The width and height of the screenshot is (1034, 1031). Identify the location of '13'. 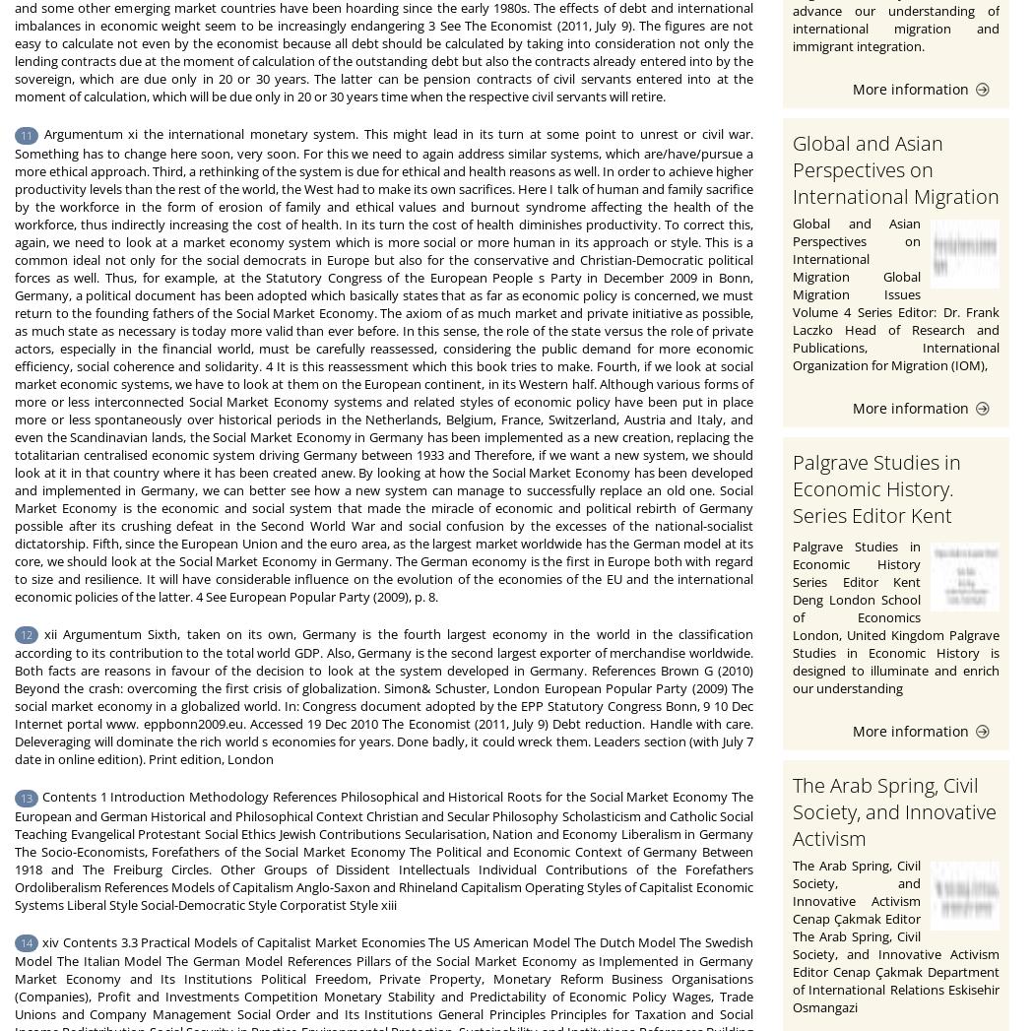
(26, 796).